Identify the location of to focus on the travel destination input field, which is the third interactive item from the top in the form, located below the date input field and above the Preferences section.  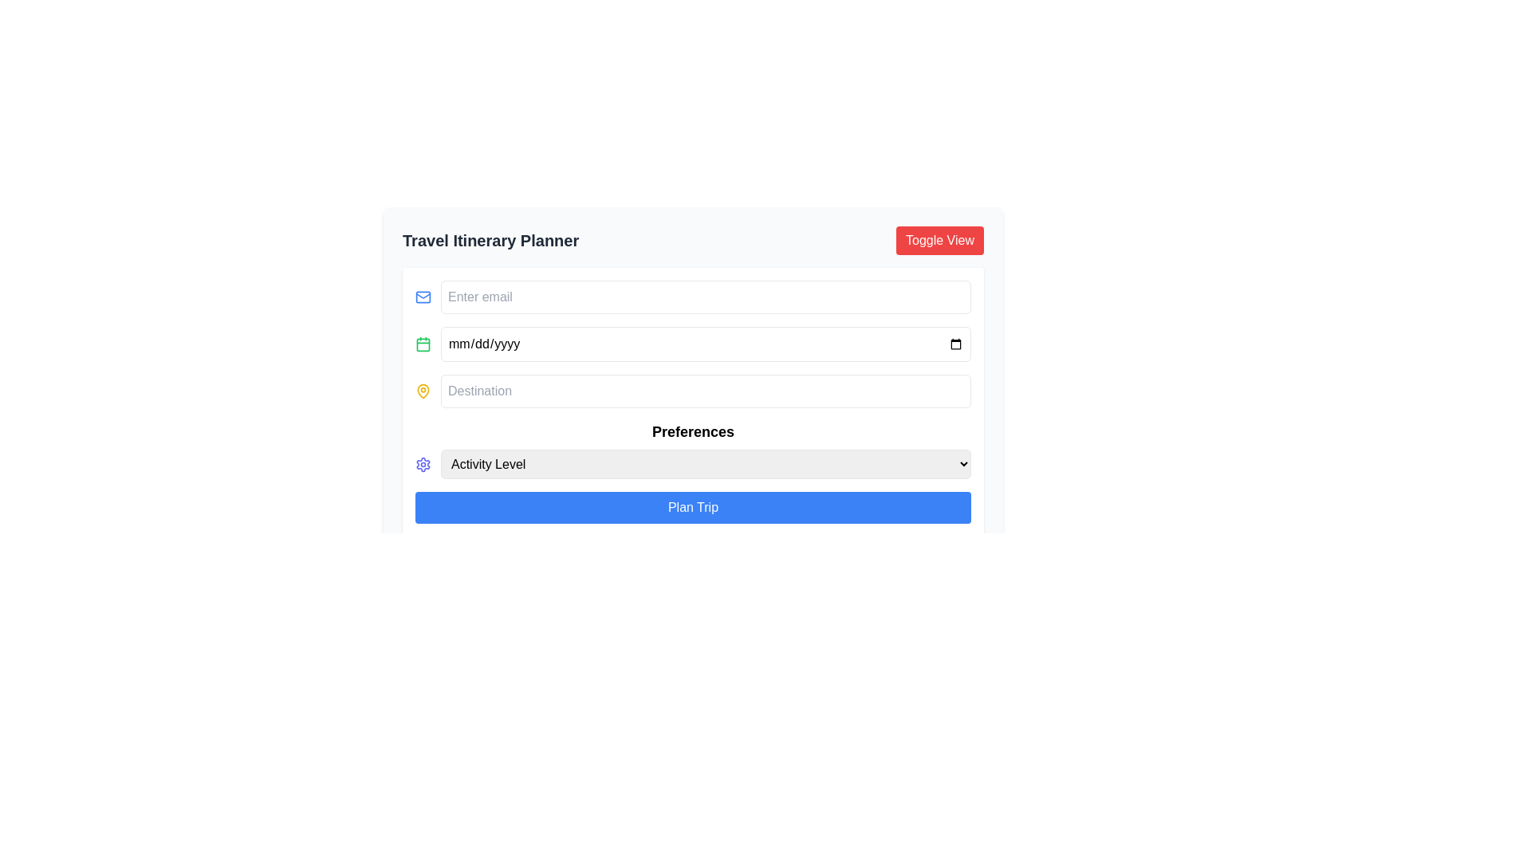
(693, 391).